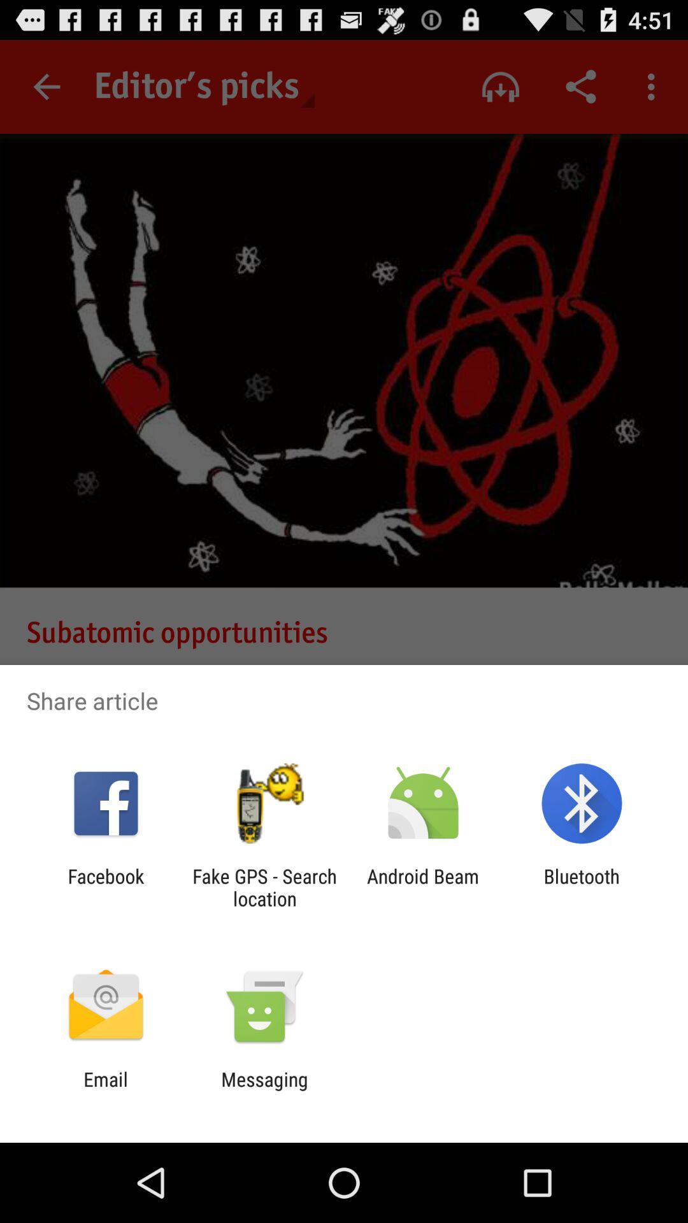 This screenshot has height=1223, width=688. What do you see at coordinates (105, 887) in the screenshot?
I see `the app next to the fake gps search` at bounding box center [105, 887].